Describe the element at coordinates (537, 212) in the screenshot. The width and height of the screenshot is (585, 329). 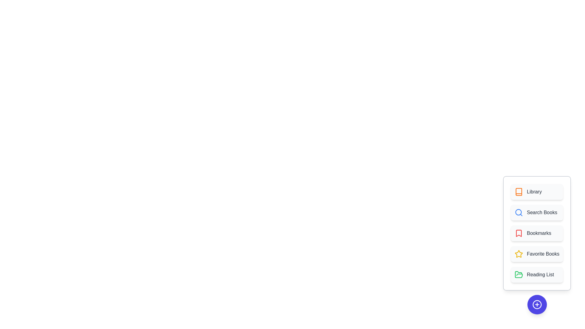
I see `the 'Search Books' button to select this option` at that location.